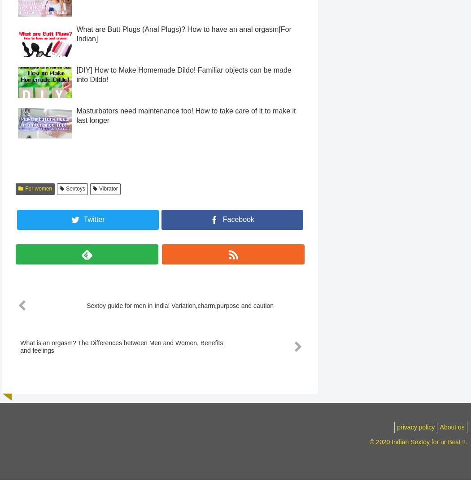 The height and width of the screenshot is (481, 471). Describe the element at coordinates (449, 443) in the screenshot. I see `'About us'` at that location.